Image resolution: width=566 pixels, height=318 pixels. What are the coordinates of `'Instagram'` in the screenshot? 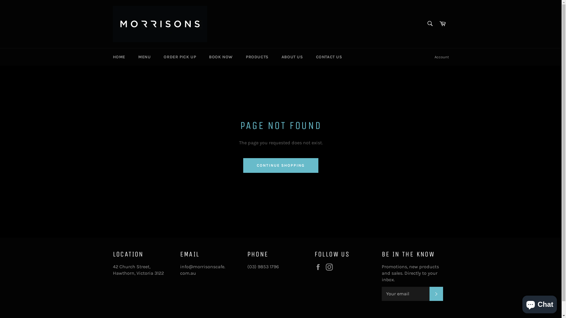 It's located at (330, 267).